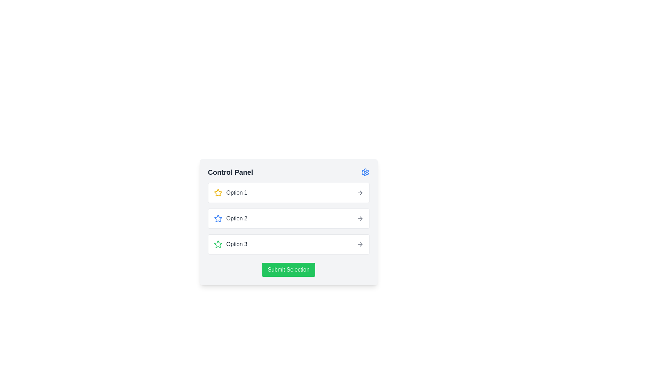 The height and width of the screenshot is (376, 668). I want to click on the selectable option in the vertical stack of options in the 'Control Panel' section, so click(288, 218).